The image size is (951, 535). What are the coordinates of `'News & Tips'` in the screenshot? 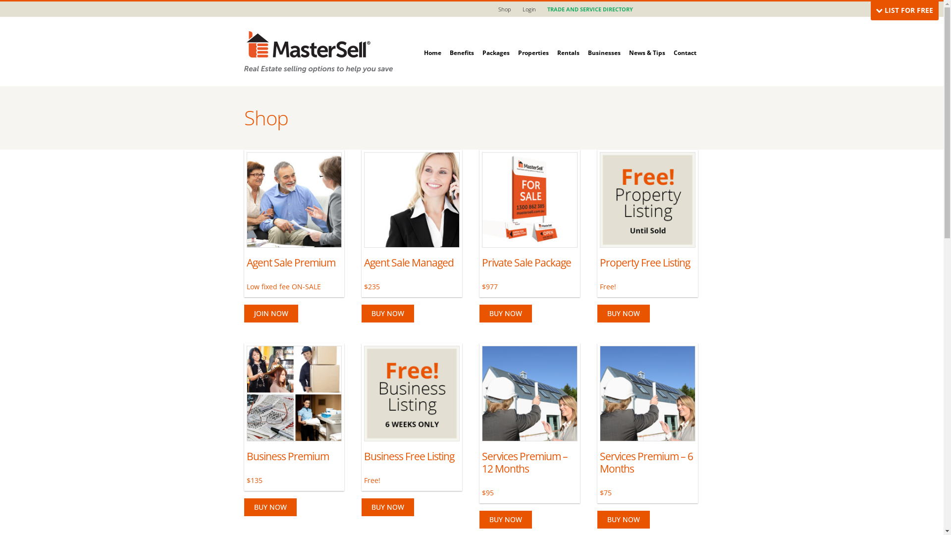 It's located at (647, 42).